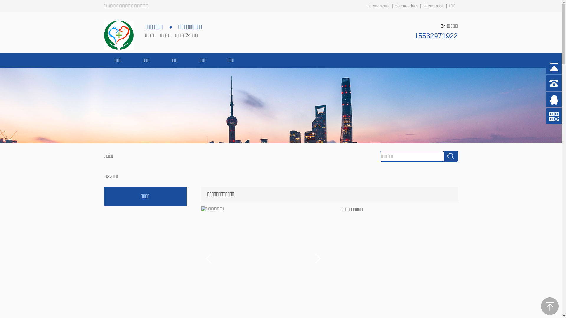 The height and width of the screenshot is (318, 566). What do you see at coordinates (406, 6) in the screenshot?
I see `'sitemap.htm'` at bounding box center [406, 6].